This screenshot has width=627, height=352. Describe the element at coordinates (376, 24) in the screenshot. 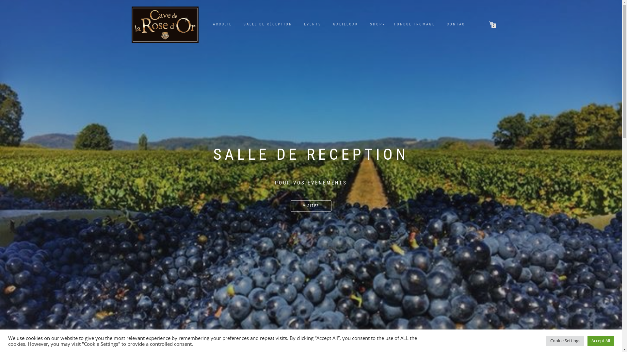

I see `'SHOP'` at that location.